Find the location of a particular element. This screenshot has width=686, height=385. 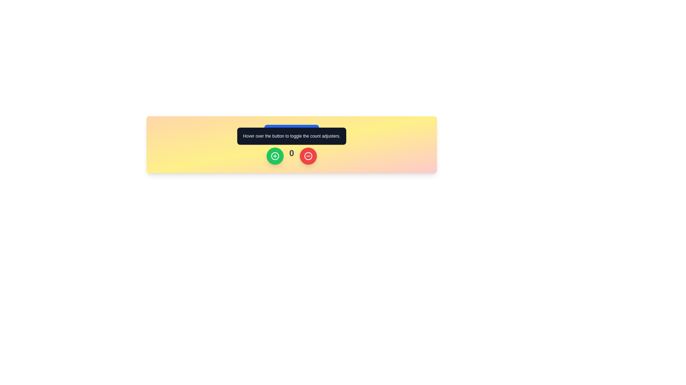

the SVG graphical component of the rightmost red button that represents the decrement functionality is located at coordinates (308, 156).